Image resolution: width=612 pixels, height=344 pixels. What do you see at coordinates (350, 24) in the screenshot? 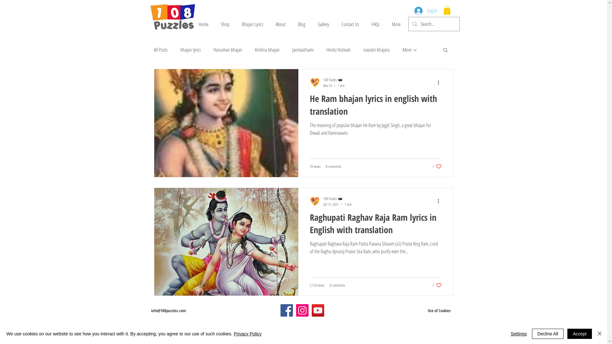
I see `'Contact Us'` at bounding box center [350, 24].